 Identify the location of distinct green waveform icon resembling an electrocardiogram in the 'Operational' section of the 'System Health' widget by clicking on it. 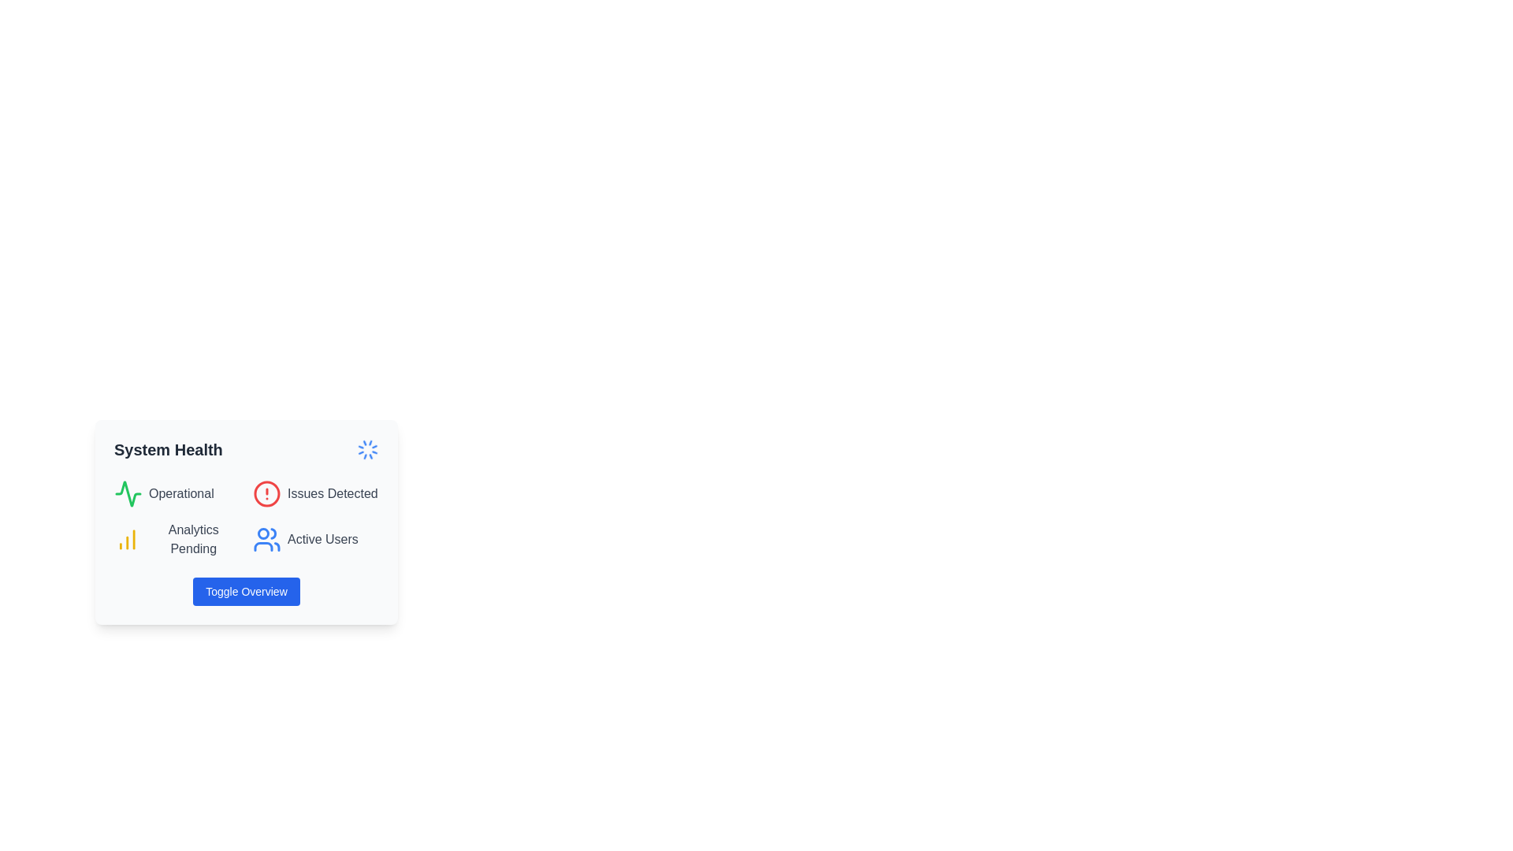
(128, 493).